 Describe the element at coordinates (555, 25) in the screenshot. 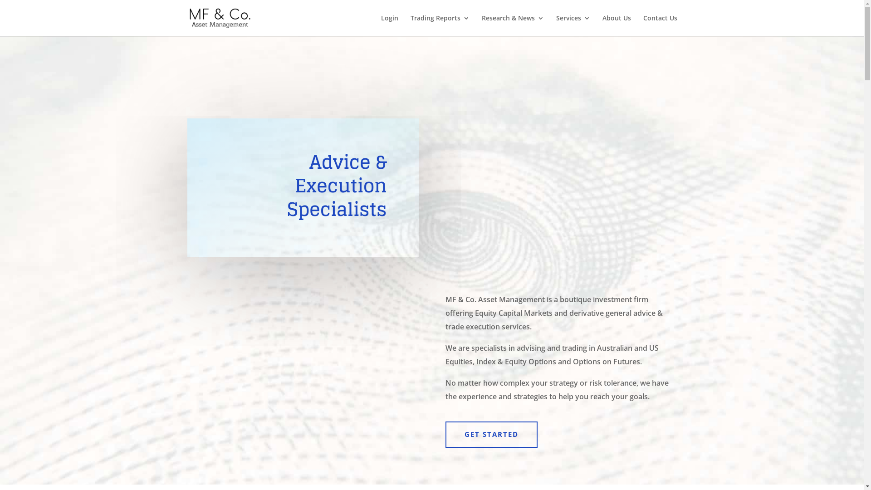

I see `'Services'` at that location.